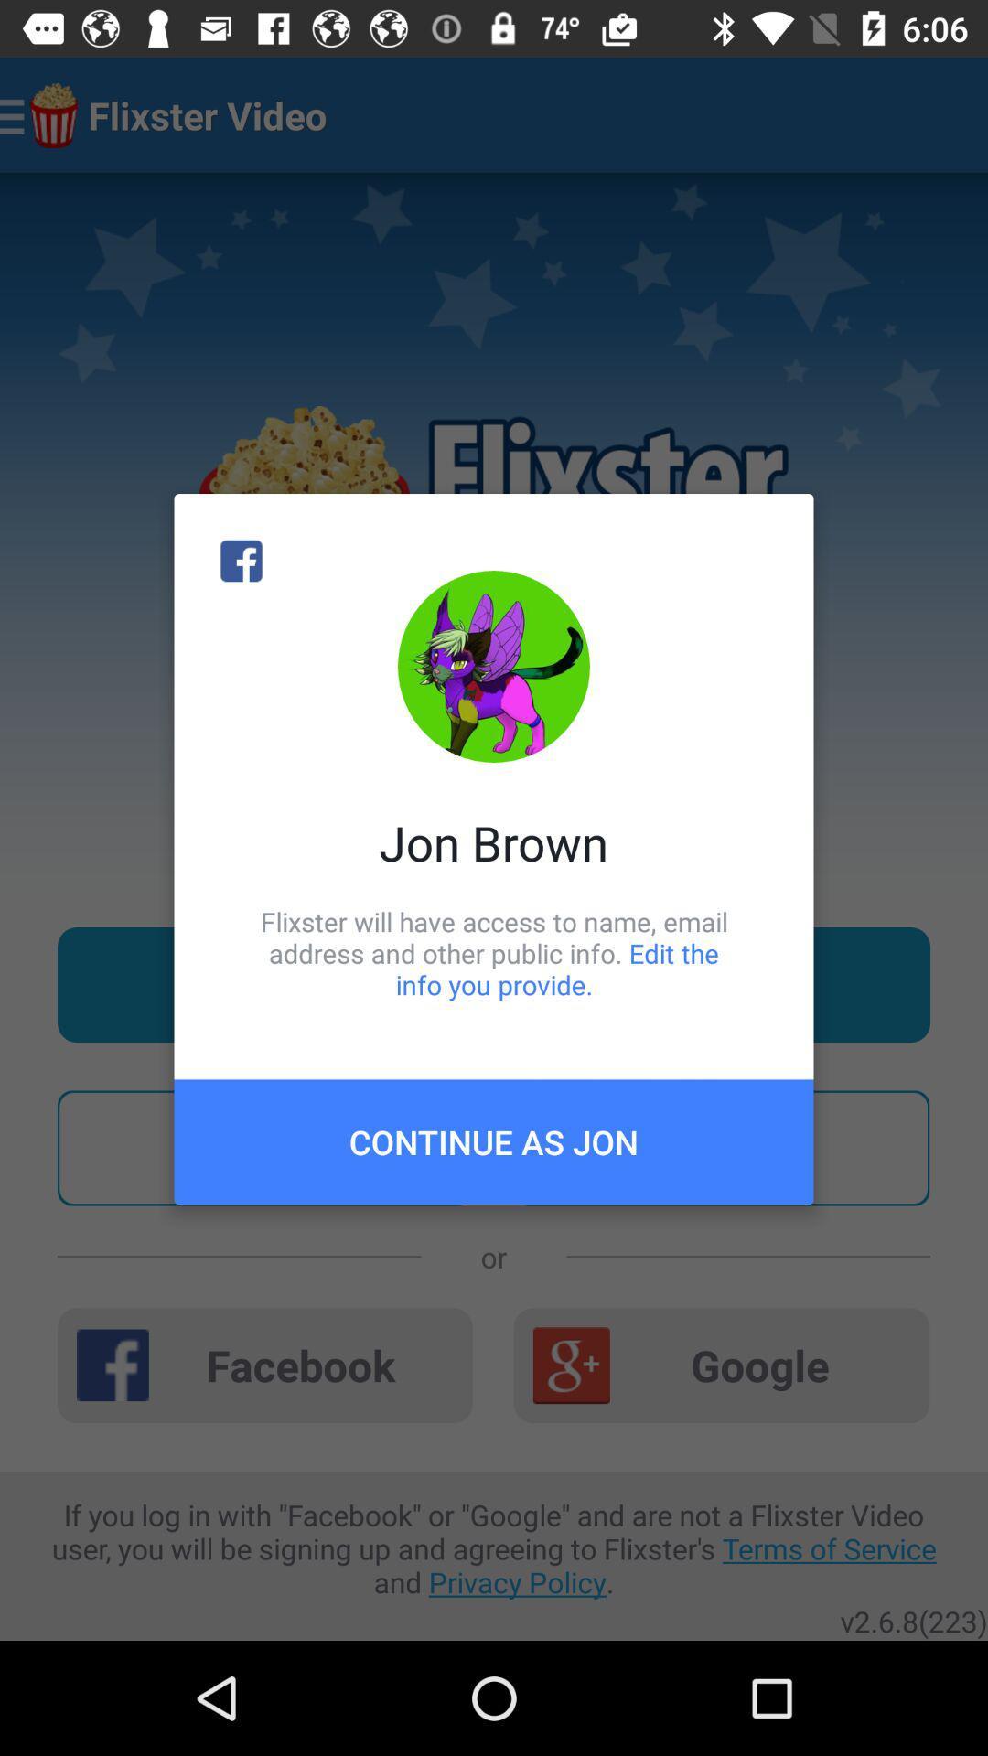 The height and width of the screenshot is (1756, 988). I want to click on icon below jon brown, so click(494, 952).